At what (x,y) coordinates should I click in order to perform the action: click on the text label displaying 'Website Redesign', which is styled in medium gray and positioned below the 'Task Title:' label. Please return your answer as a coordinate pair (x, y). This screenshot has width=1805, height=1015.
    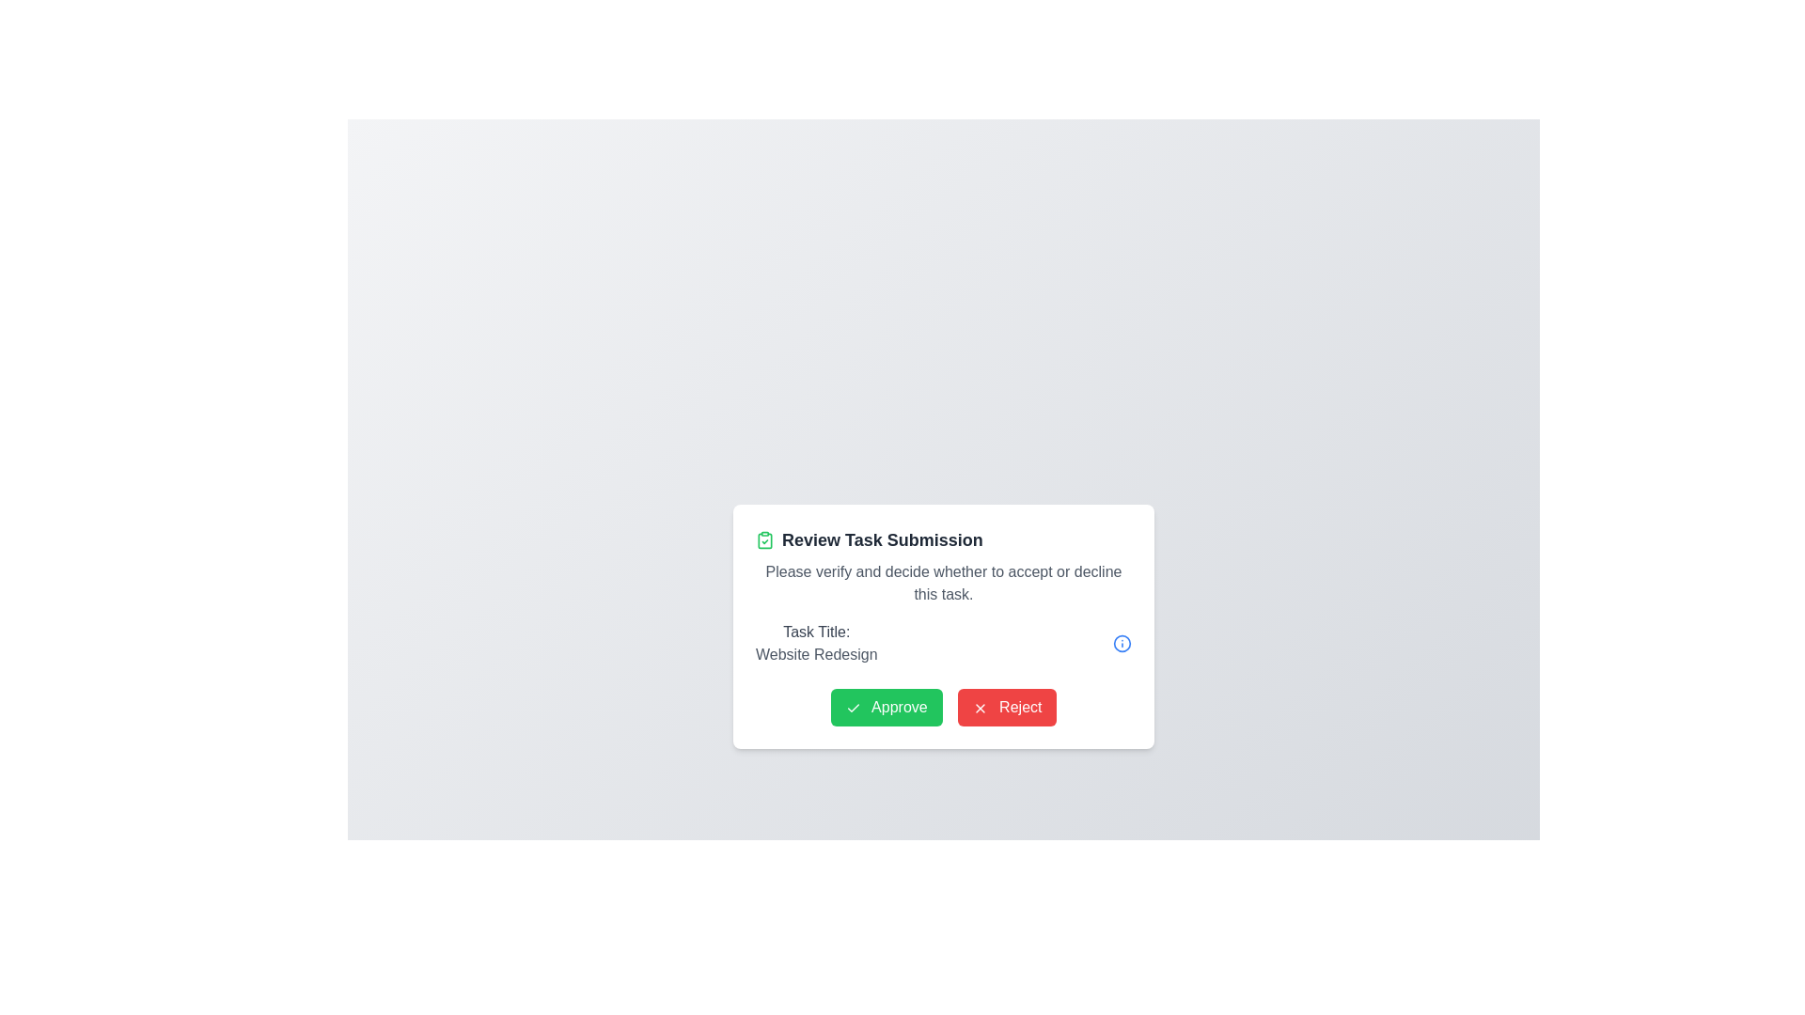
    Looking at the image, I should click on (816, 654).